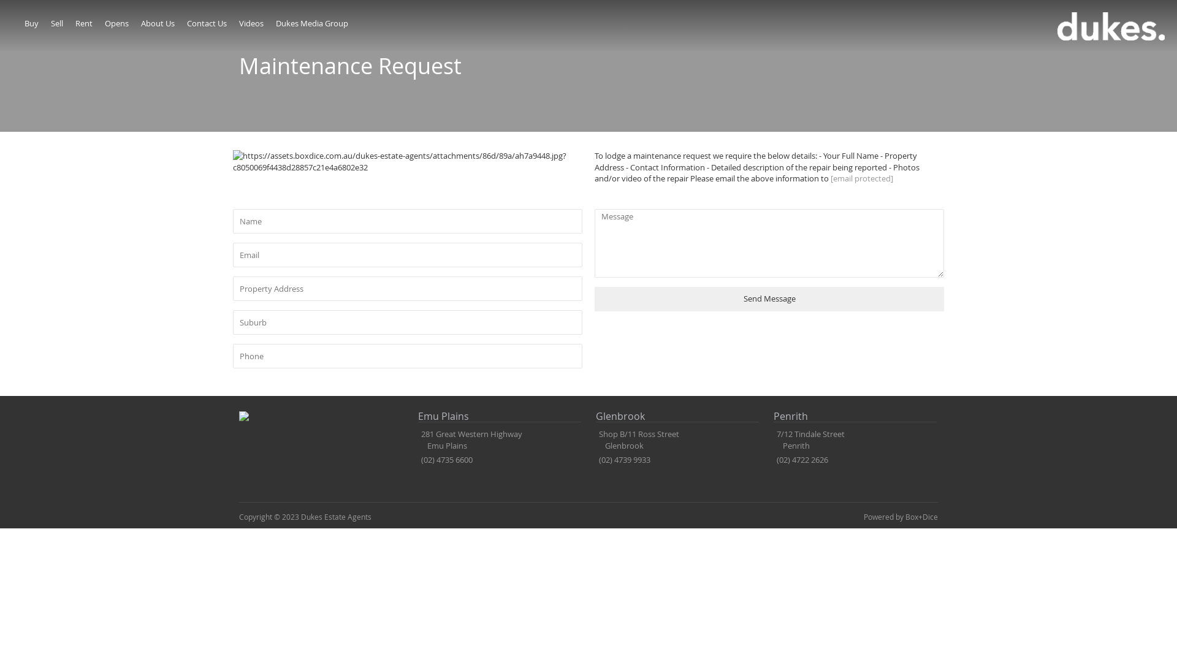  Describe the element at coordinates (105, 23) in the screenshot. I see `'Opens'` at that location.